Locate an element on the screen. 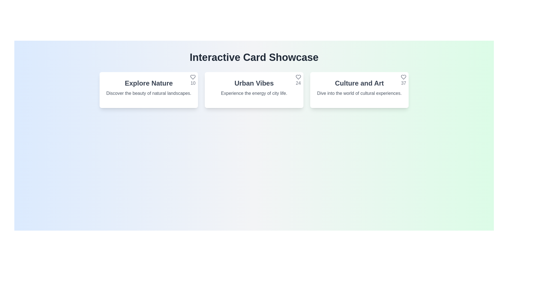 Image resolution: width=540 pixels, height=303 pixels. the small gray outlined heart icon located at the top-right corner of the 'Culture and Art' card is located at coordinates (403, 77).